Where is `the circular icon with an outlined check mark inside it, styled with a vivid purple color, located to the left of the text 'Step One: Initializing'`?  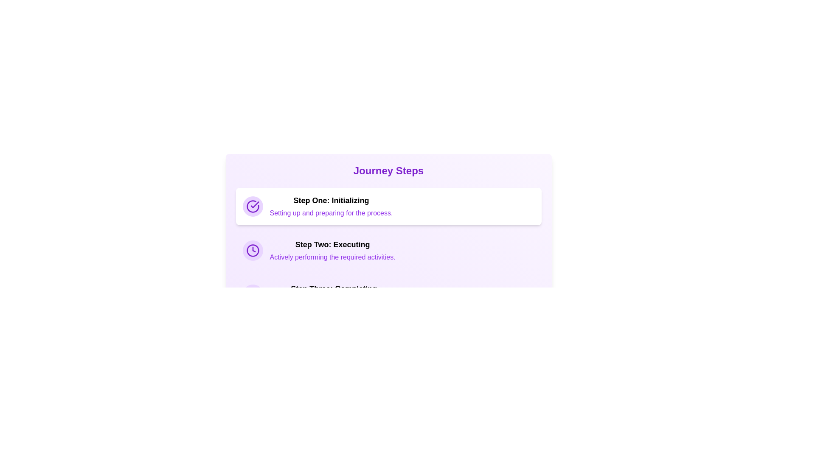
the circular icon with an outlined check mark inside it, styled with a vivid purple color, located to the left of the text 'Step One: Initializing' is located at coordinates (252, 206).